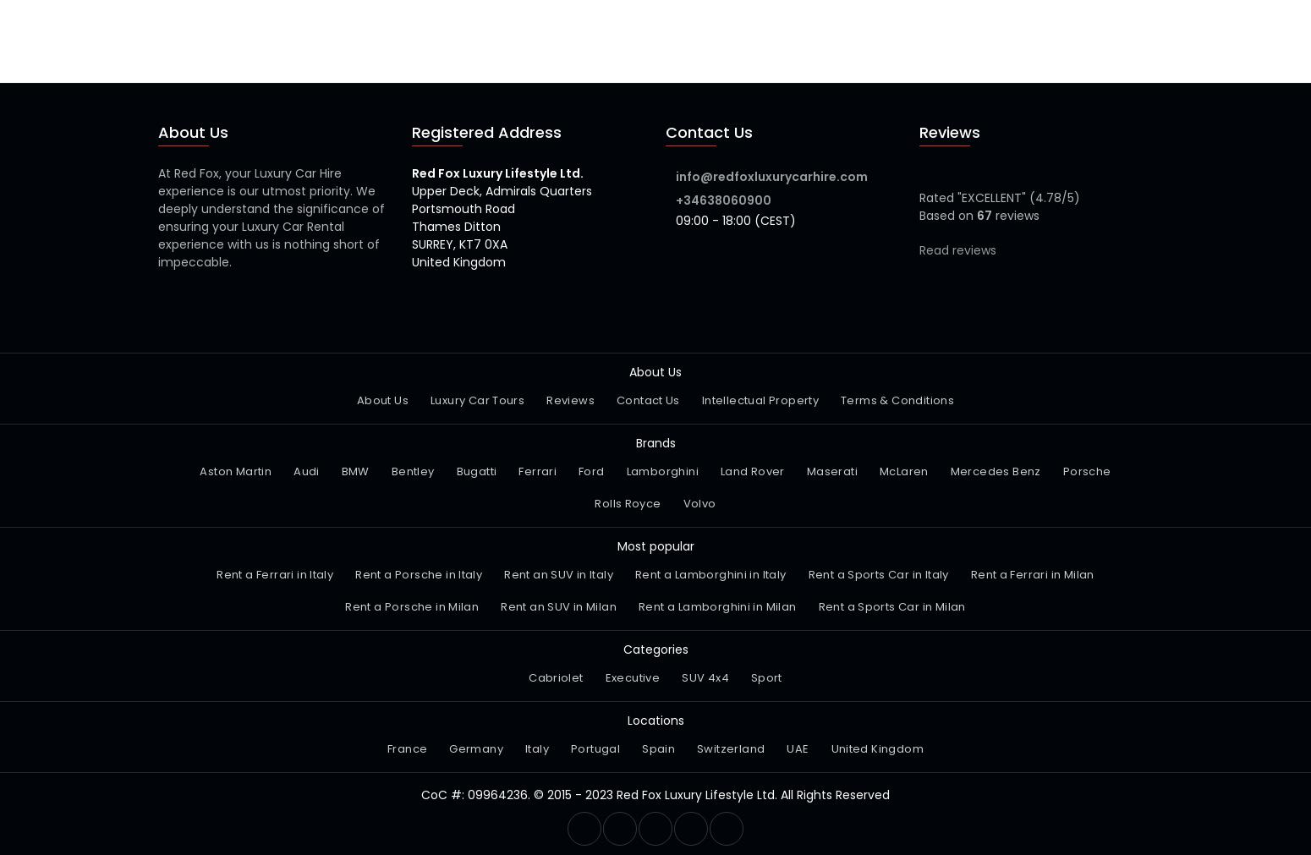 The width and height of the screenshot is (1311, 855). Describe the element at coordinates (627, 720) in the screenshot. I see `'Locations'` at that location.